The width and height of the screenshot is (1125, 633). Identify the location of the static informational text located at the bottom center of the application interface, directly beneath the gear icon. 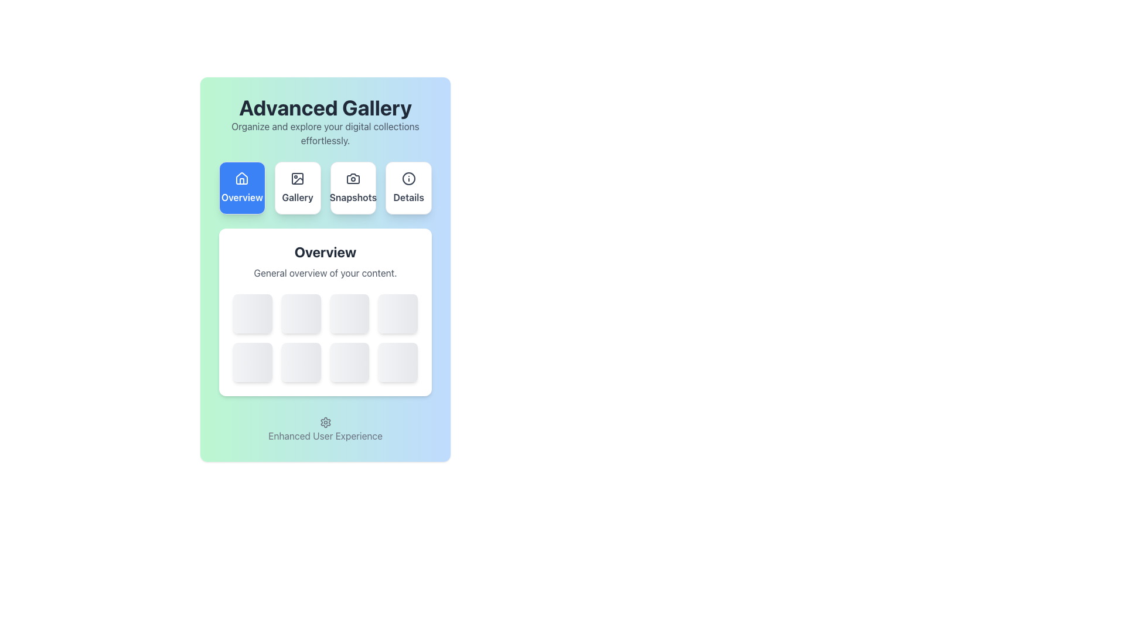
(325, 435).